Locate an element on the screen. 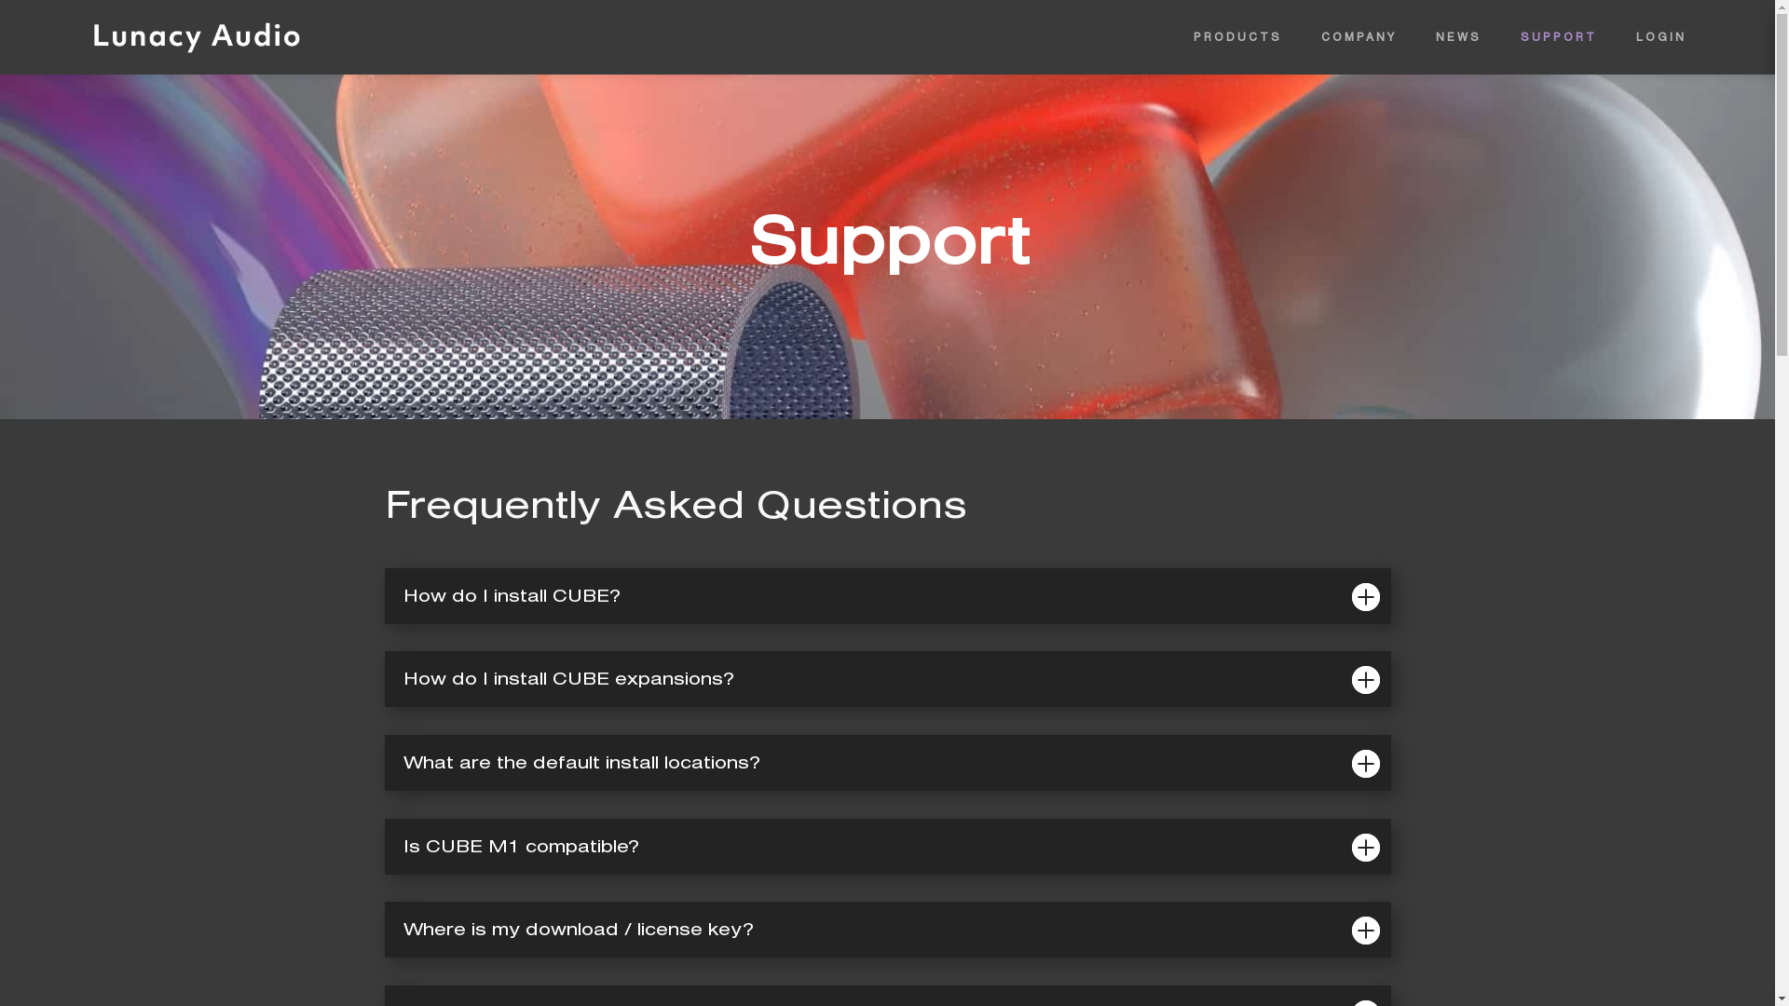 This screenshot has width=1789, height=1006. 'NEWS' is located at coordinates (1457, 36).